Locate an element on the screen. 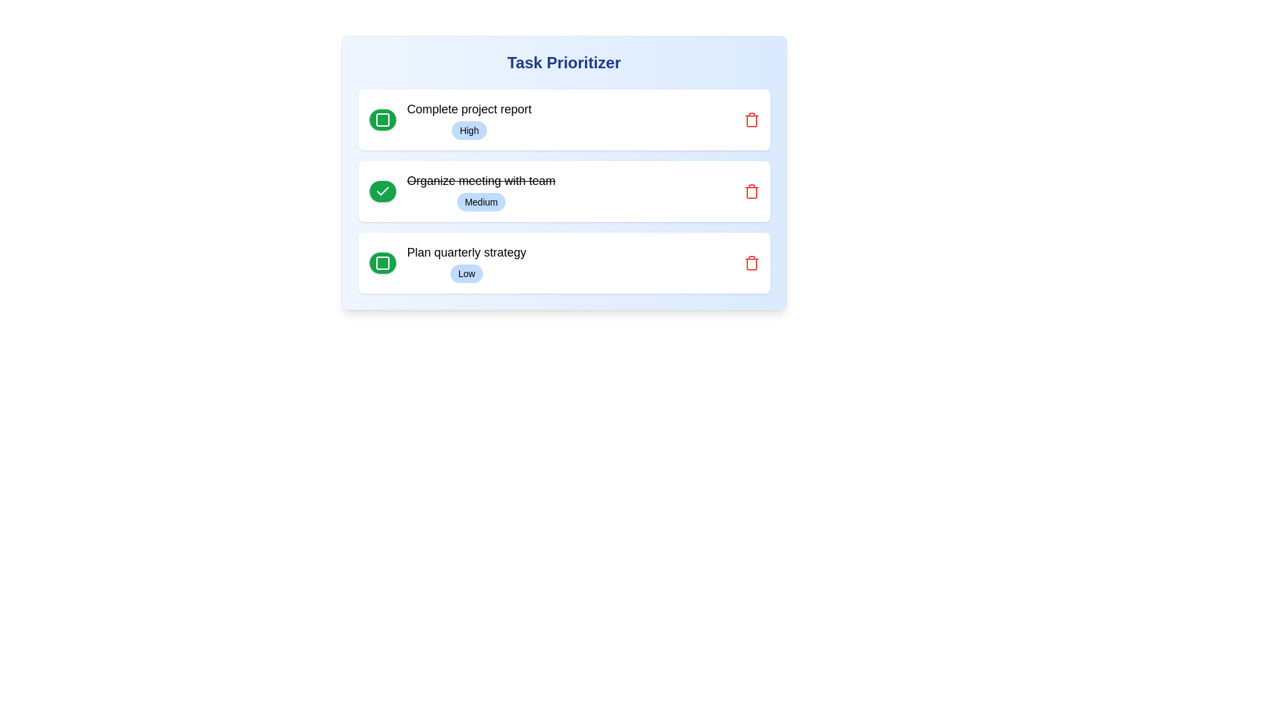 The image size is (1272, 716). the delete button located at the far right of the second row in the task list is located at coordinates (751, 192).